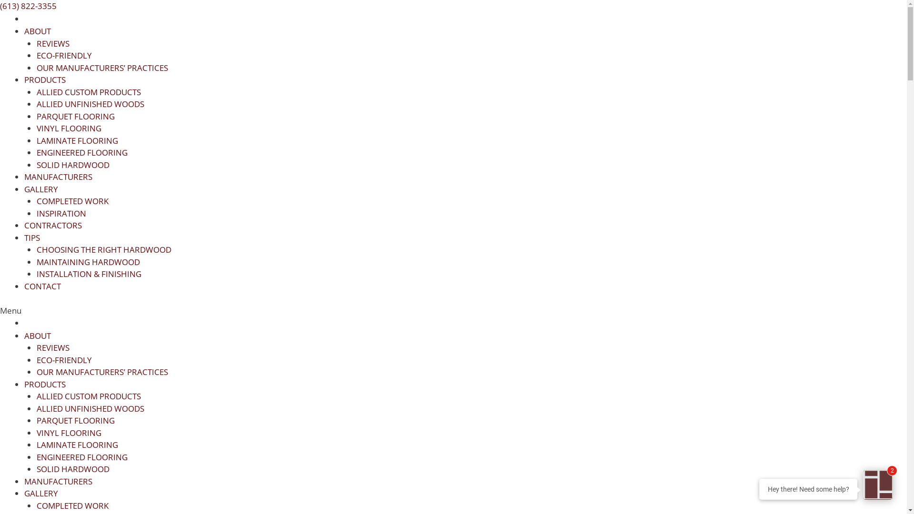 This screenshot has height=514, width=914. I want to click on 'LAMINATE FLOORING', so click(77, 445).